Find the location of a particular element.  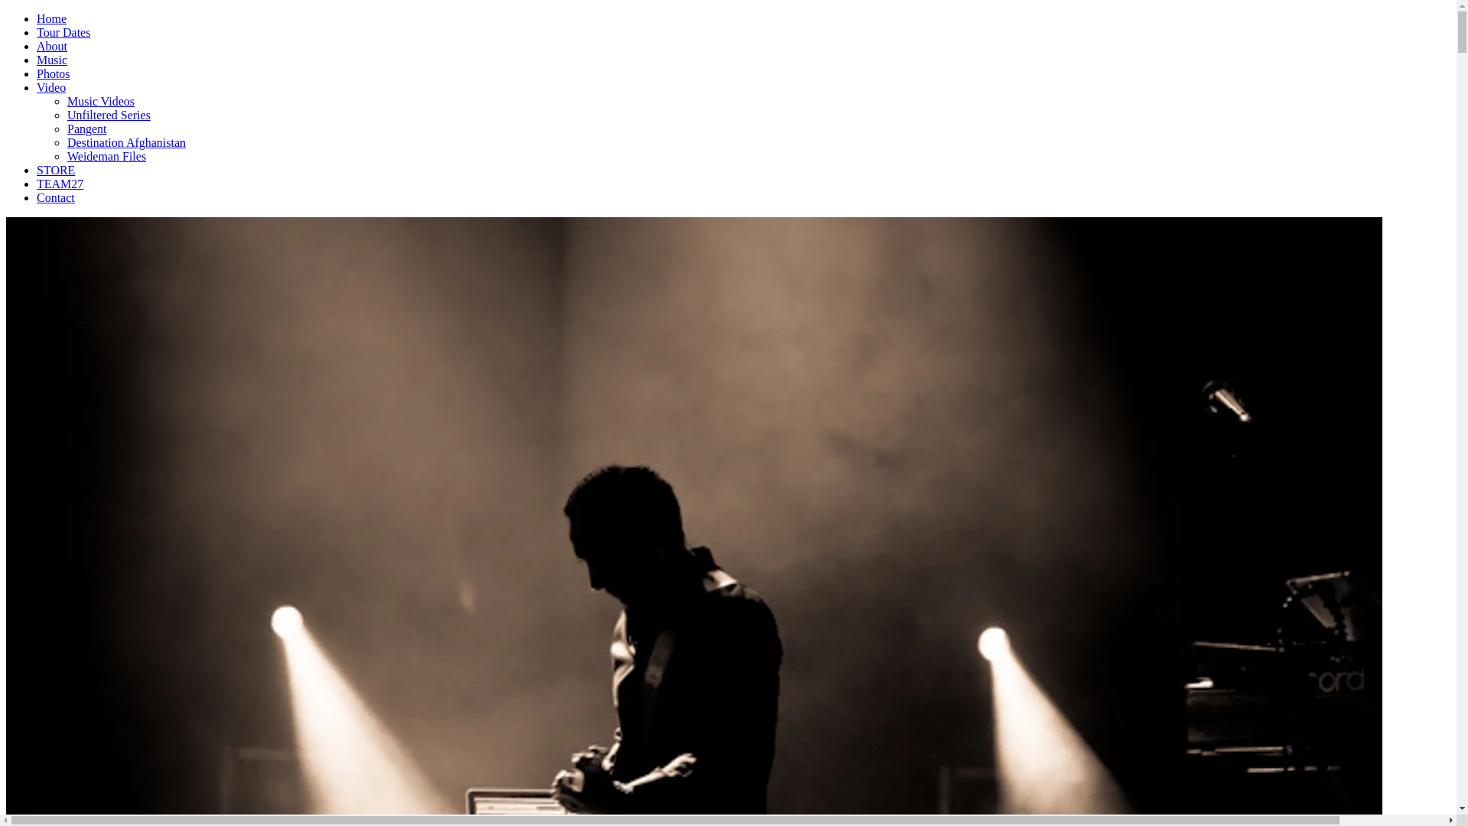

'Contact' is located at coordinates (55, 197).